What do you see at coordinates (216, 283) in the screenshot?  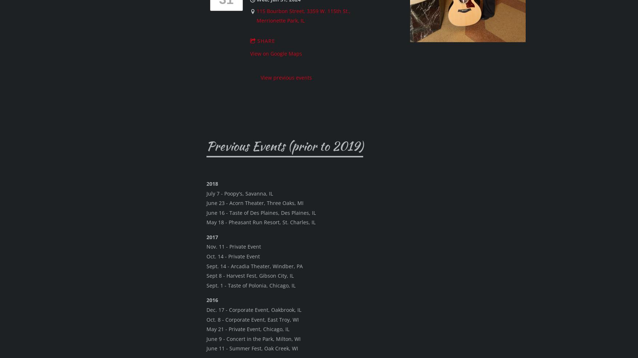 I see `'Aug. 7 -'` at bounding box center [216, 283].